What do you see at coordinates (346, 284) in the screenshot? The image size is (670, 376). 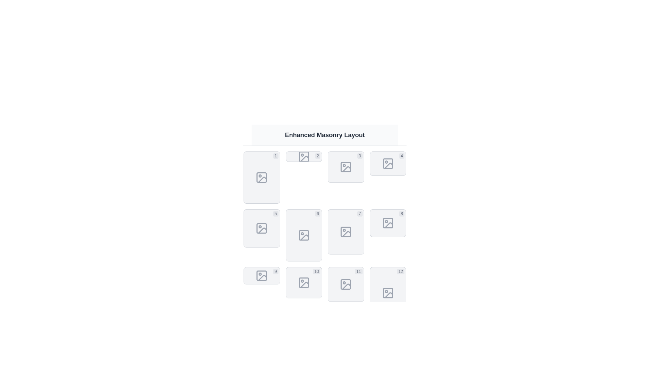 I see `the rectangular card with a light gray background and a bordered outline, which contains an icon and a dimension label '11' in the top-right corner` at bounding box center [346, 284].